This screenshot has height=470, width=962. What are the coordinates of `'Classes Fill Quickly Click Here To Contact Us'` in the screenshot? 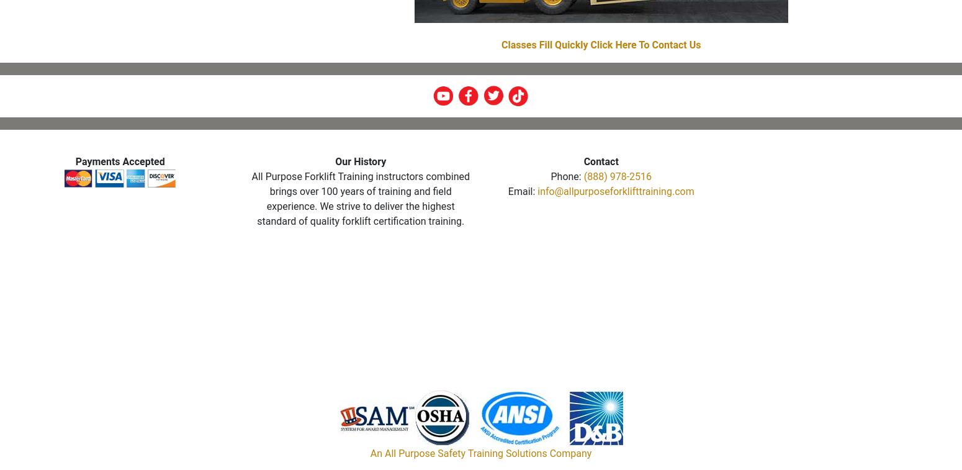 It's located at (600, 44).